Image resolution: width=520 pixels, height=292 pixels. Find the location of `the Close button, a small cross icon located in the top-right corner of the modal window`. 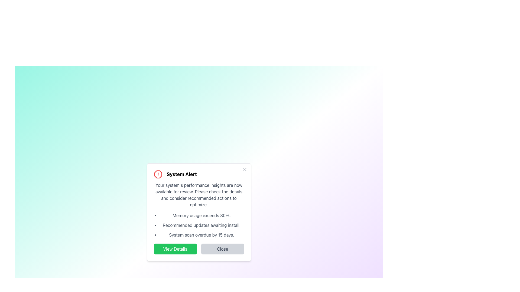

the Close button, a small cross icon located in the top-right corner of the modal window is located at coordinates (244, 169).